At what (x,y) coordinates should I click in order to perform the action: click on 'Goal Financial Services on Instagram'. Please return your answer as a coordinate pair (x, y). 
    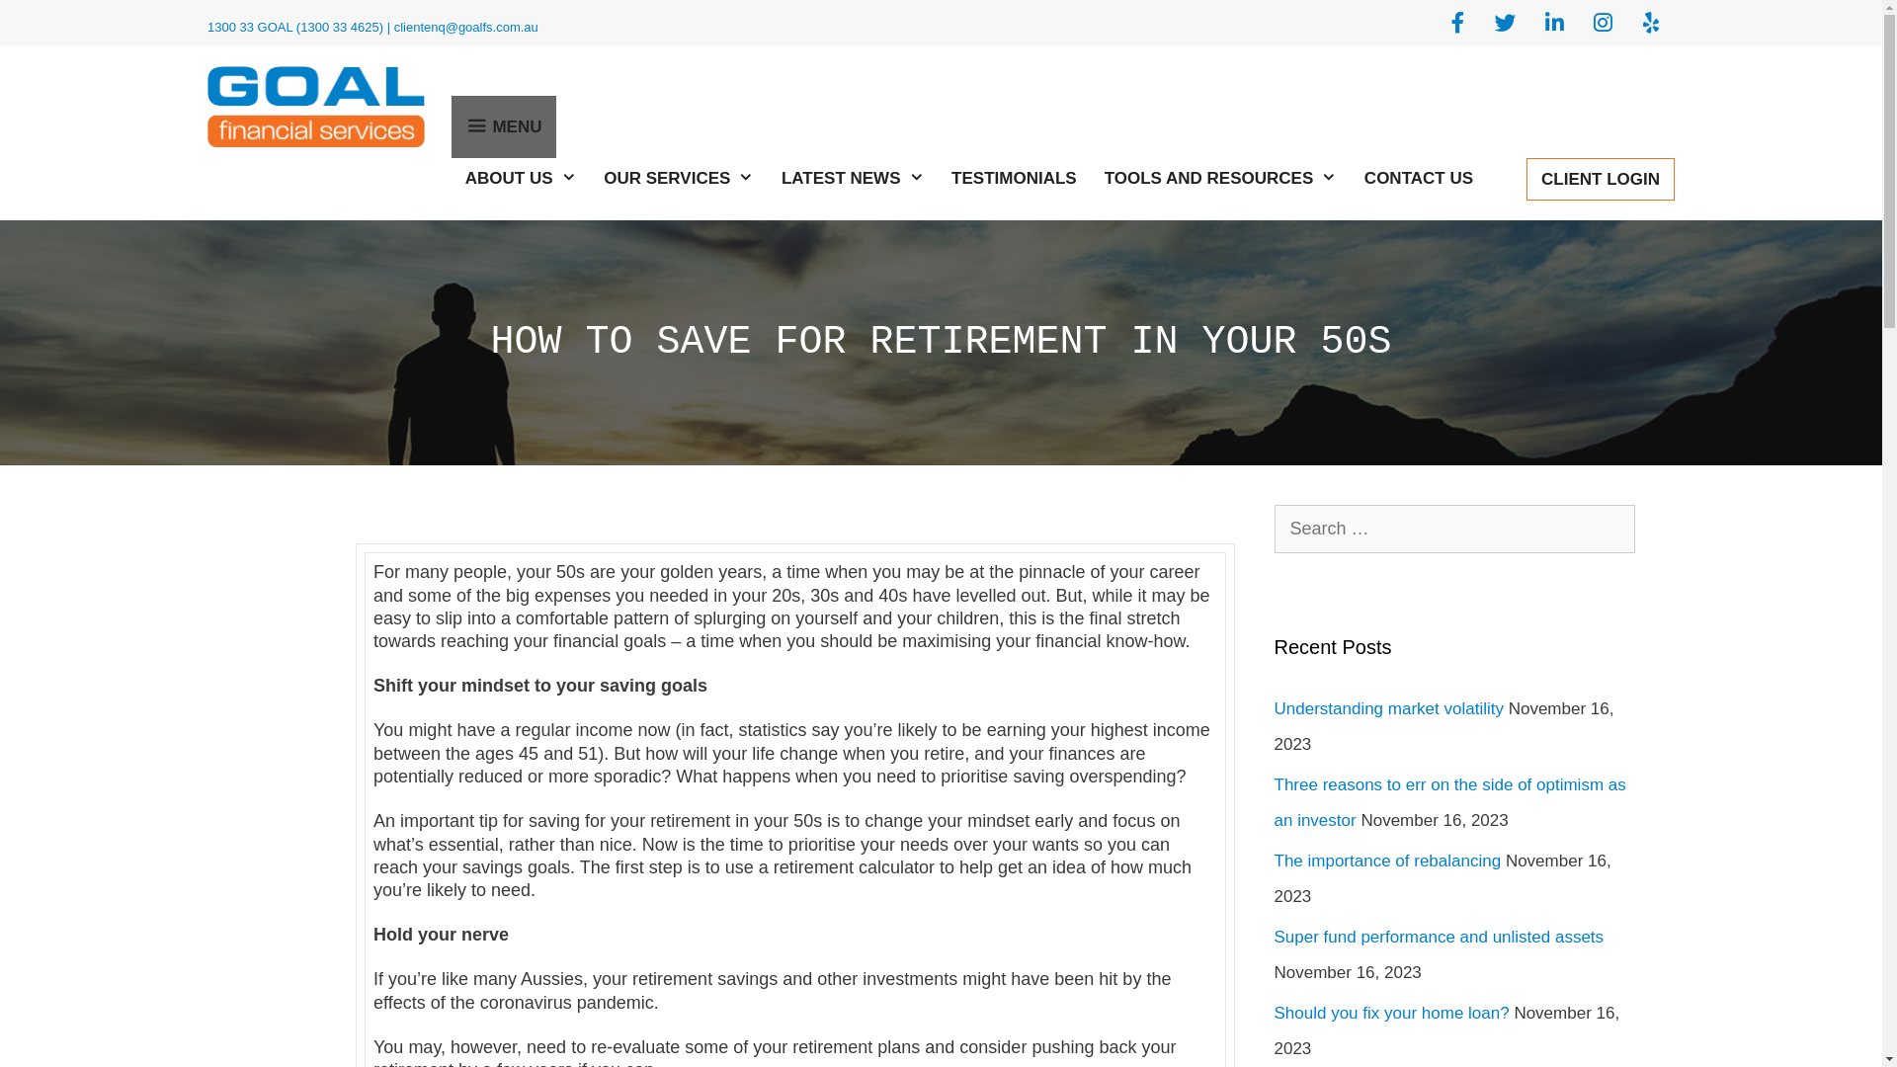
    Looking at the image, I should click on (1603, 23).